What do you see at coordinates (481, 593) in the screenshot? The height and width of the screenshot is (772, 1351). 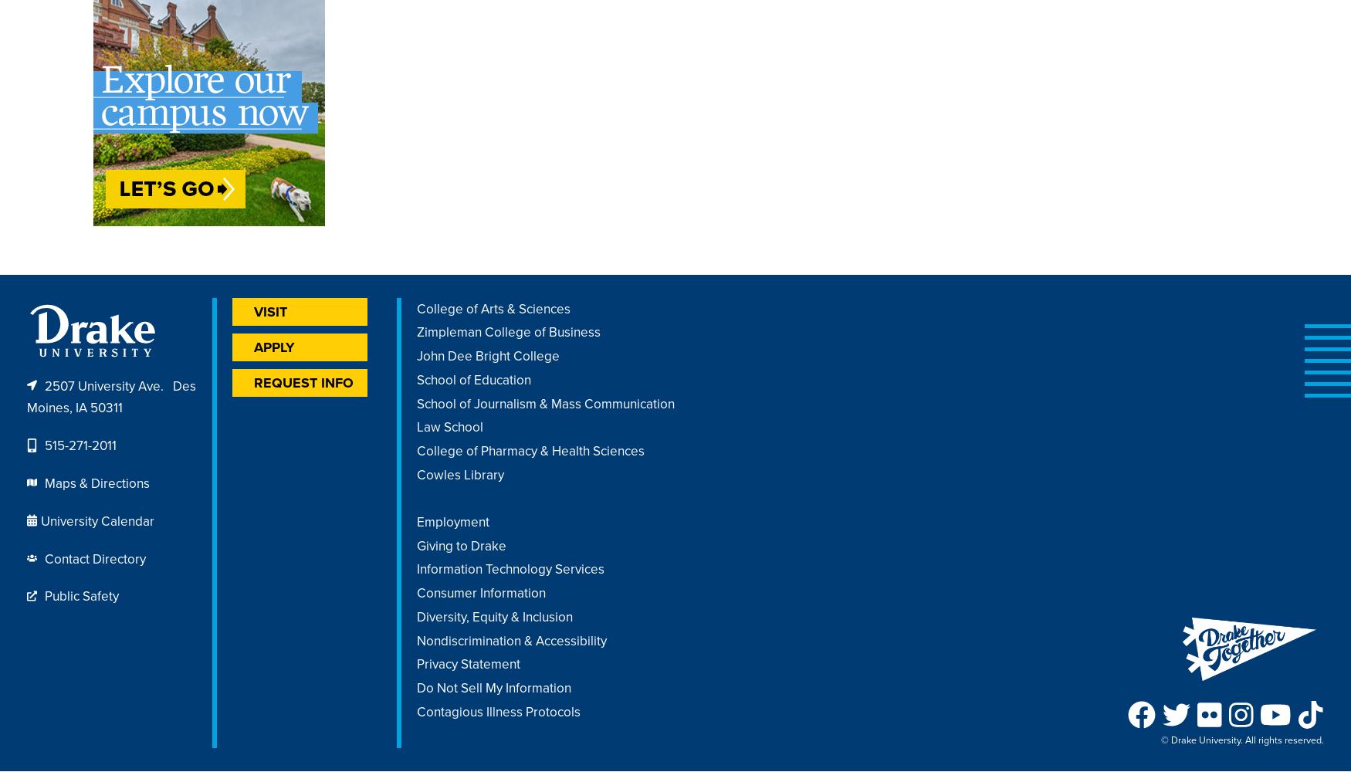 I see `'Consumer Information'` at bounding box center [481, 593].